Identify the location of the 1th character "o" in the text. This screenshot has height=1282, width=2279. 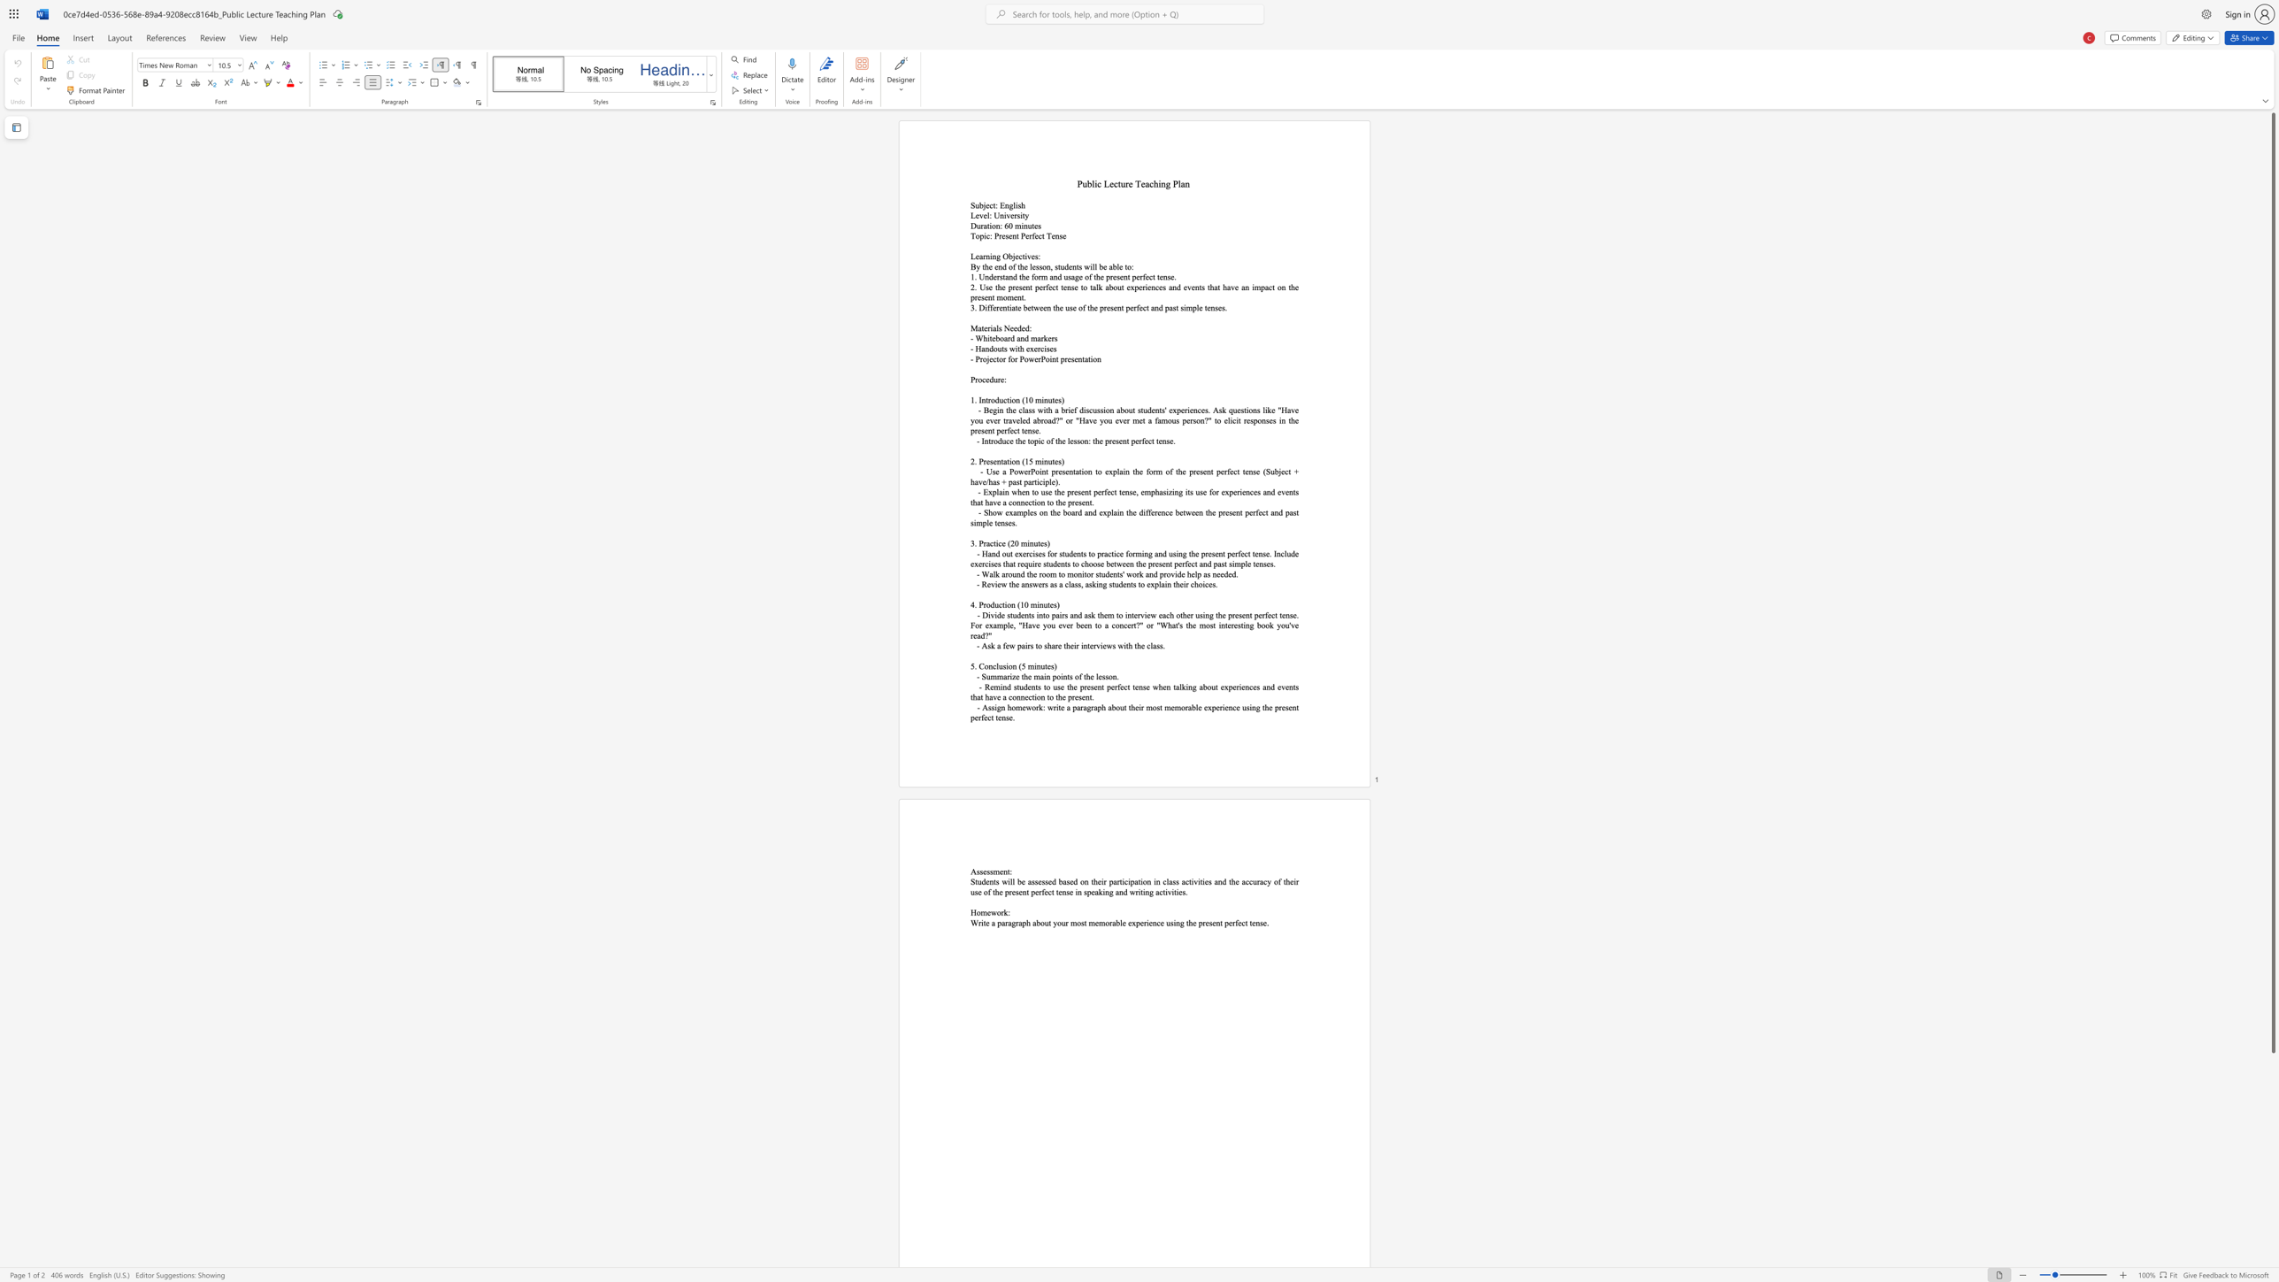
(977, 235).